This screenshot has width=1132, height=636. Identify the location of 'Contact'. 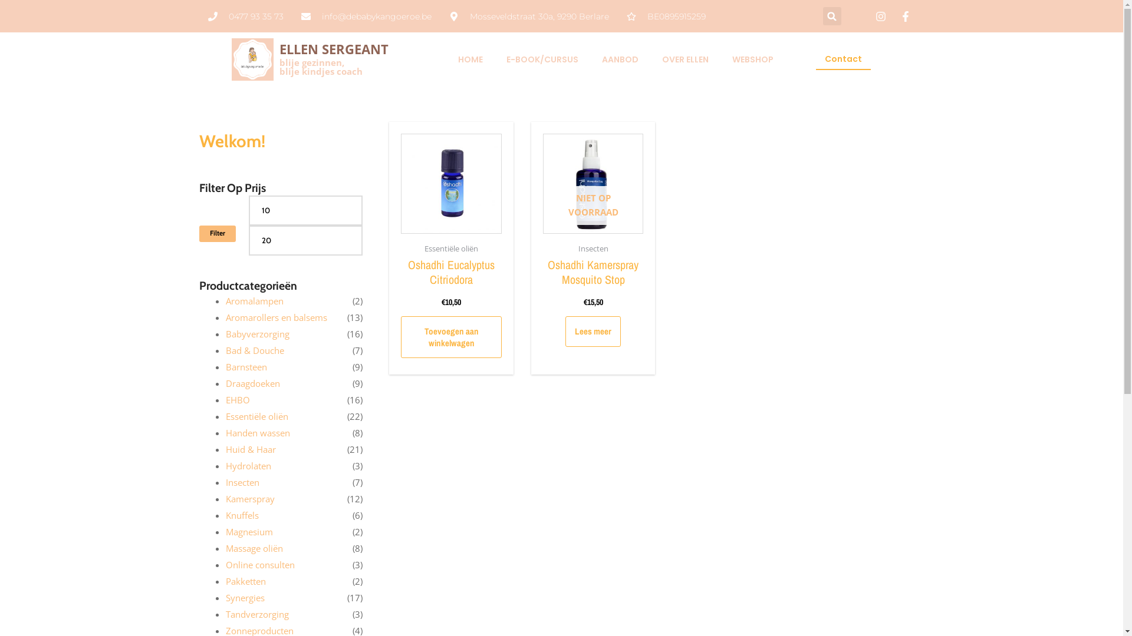
(843, 59).